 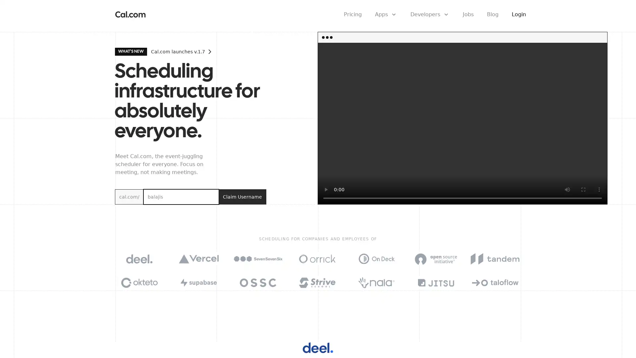 What do you see at coordinates (326, 189) in the screenshot?
I see `play` at bounding box center [326, 189].